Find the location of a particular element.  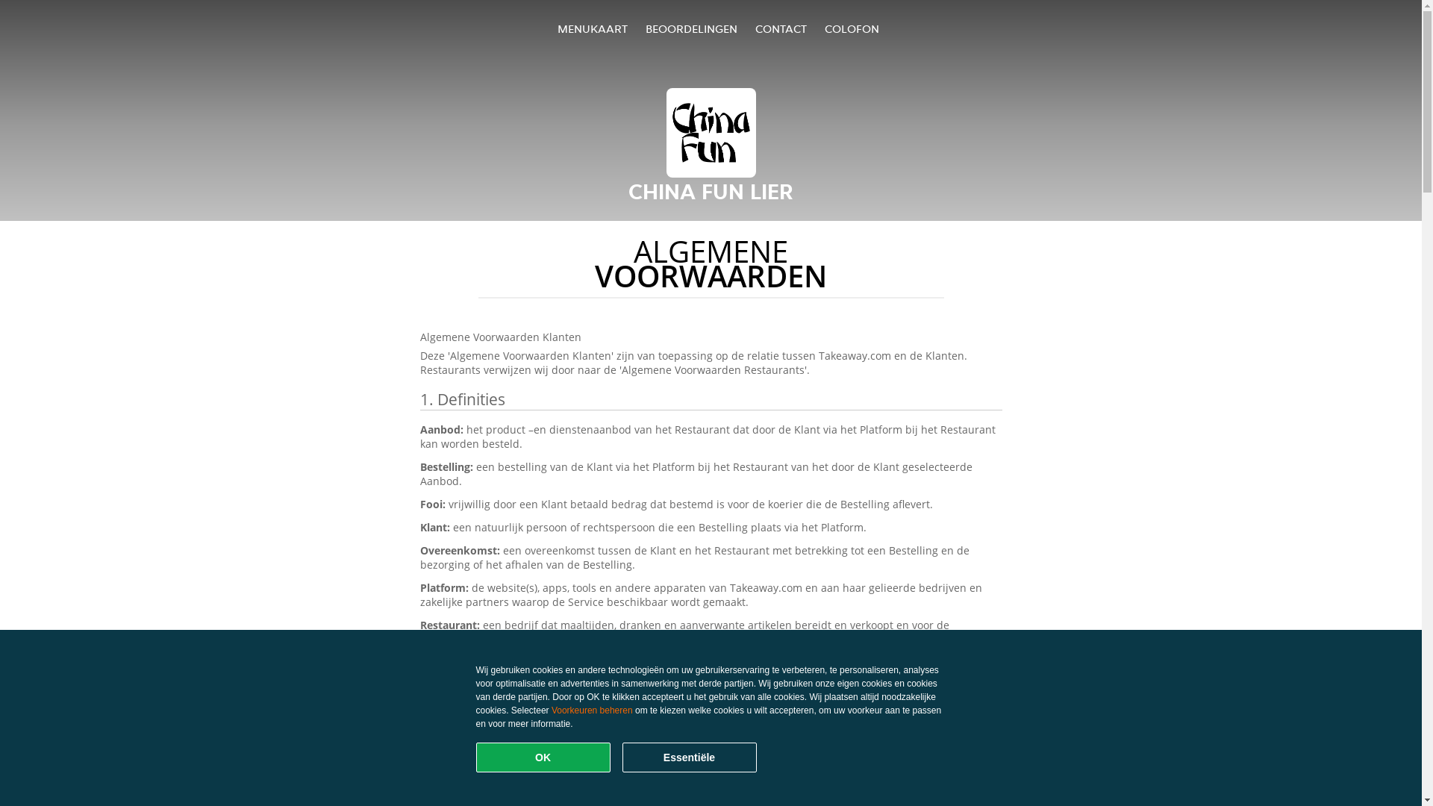

'COLOFON' is located at coordinates (852, 28).